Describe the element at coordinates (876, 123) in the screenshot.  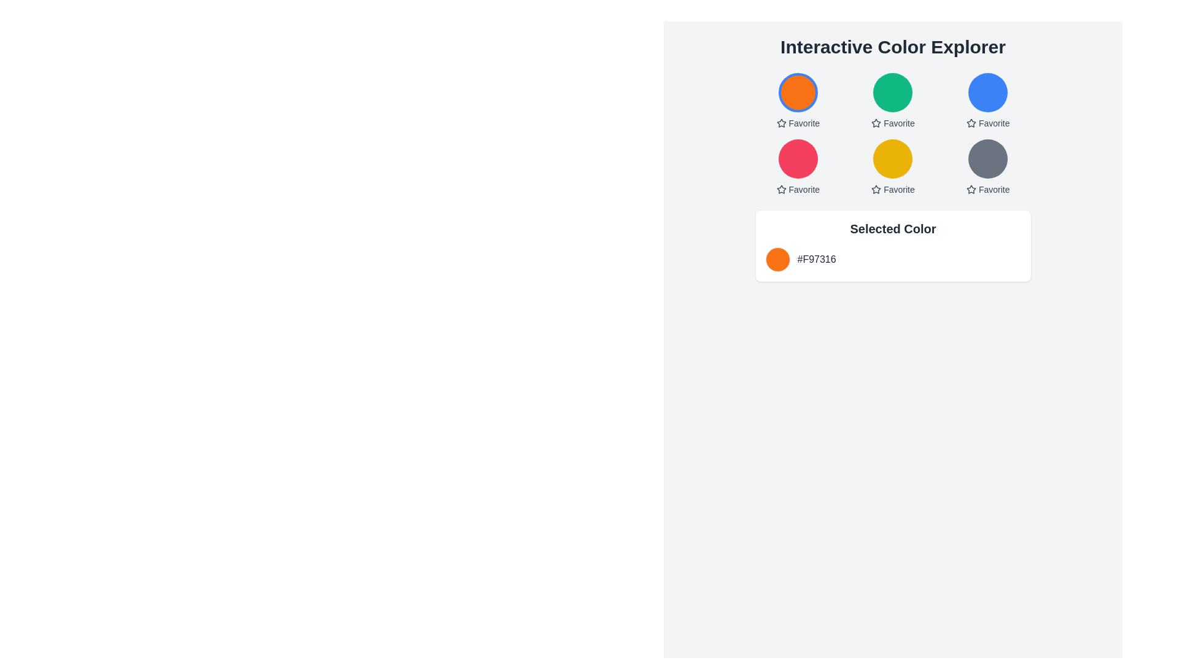
I see `the second Icon Button from the left in the first row of items` at that location.